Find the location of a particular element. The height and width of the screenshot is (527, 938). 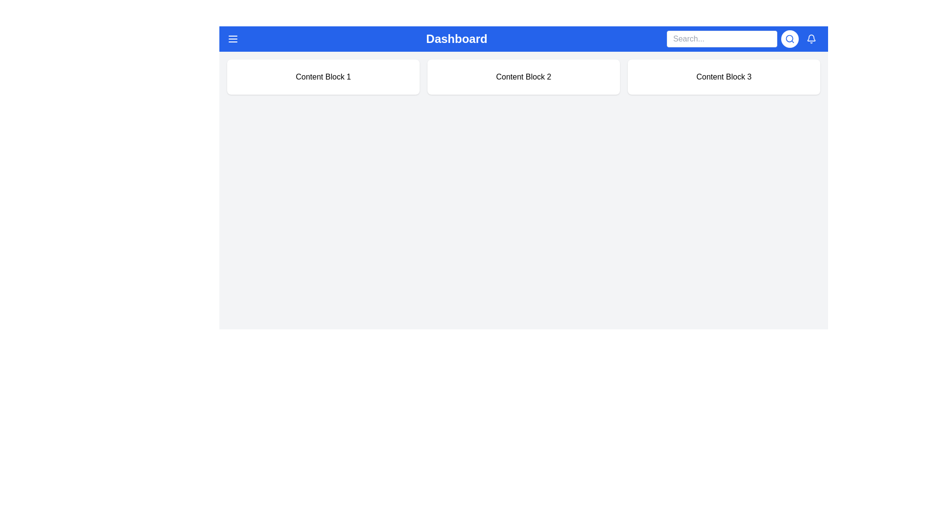

the blue magnifying glass icon button located in the top right corner of the interface to initiate the search functionality is located at coordinates (790, 39).